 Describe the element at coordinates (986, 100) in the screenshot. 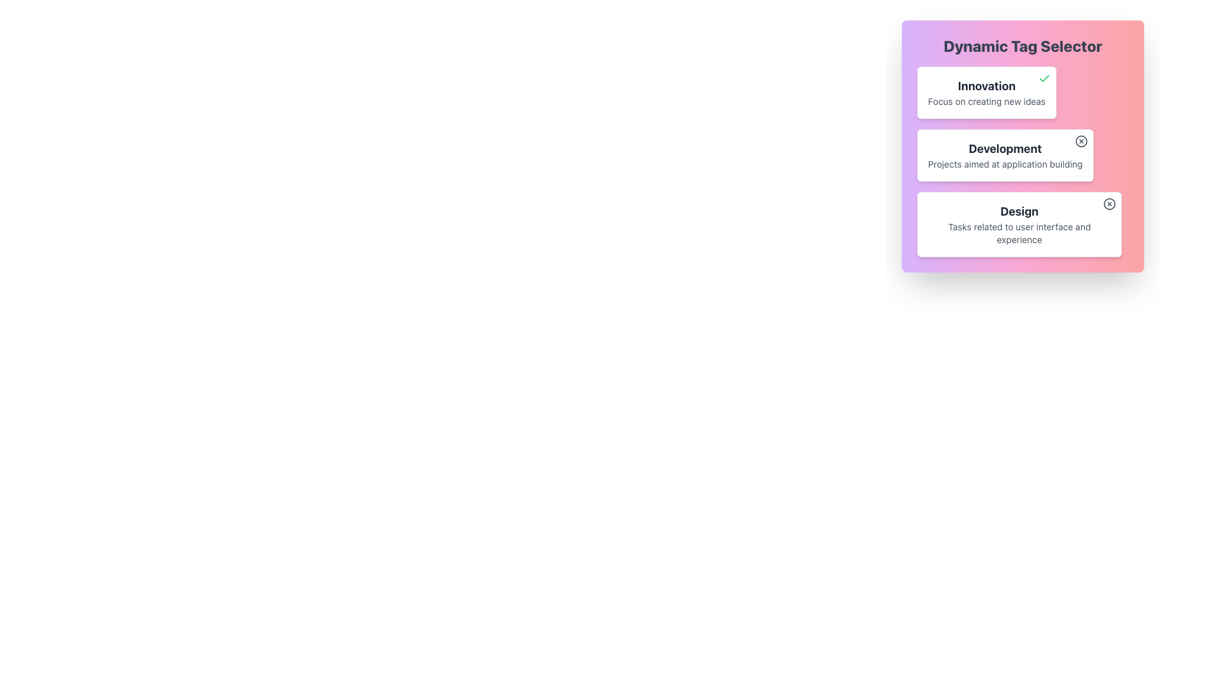

I see `informative text label located directly below the title 'Innovation' in the card interface` at that location.